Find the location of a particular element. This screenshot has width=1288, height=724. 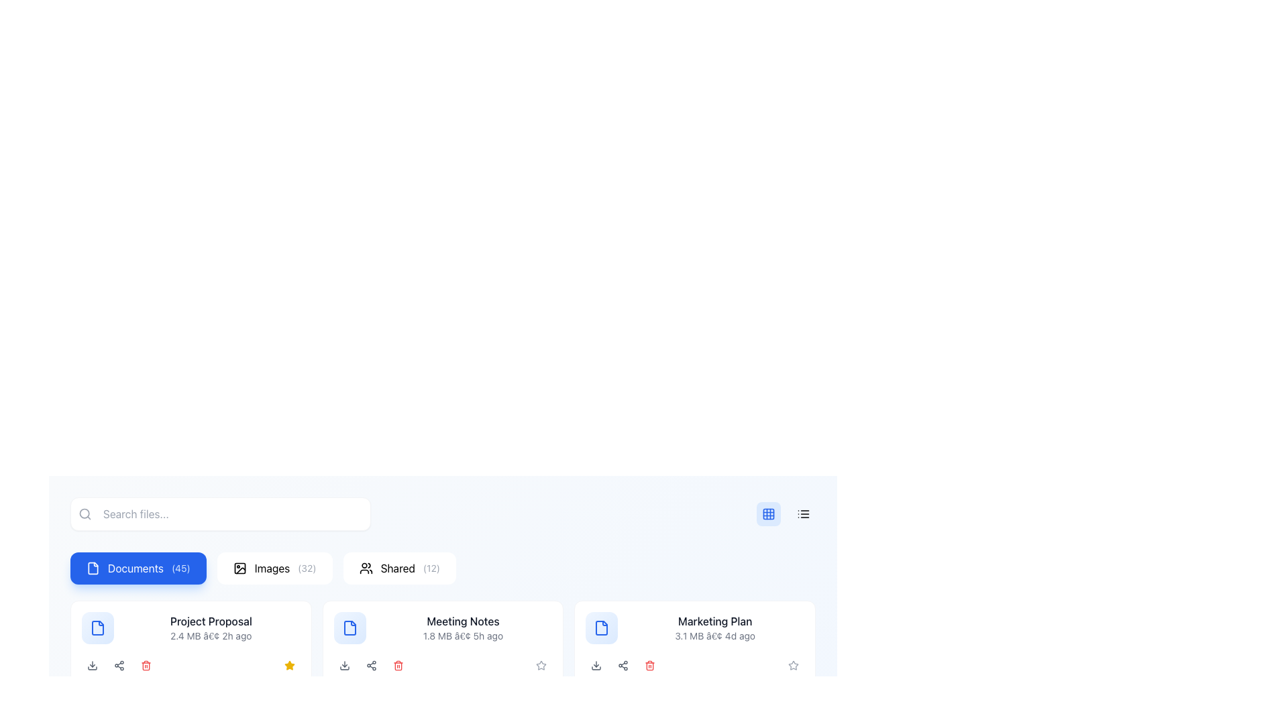

the star icon at the bottom of the 'Marketing Plan' file card to confirm interaction with the favorite or rating feature is located at coordinates (793, 665).